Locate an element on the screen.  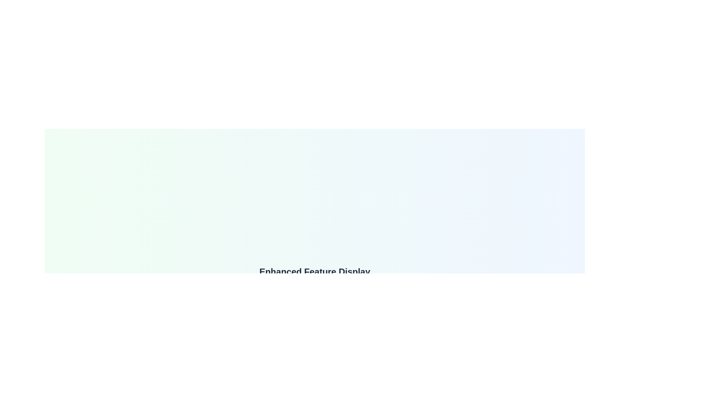
displayed text from the bold text label that says 'Enhanced Feature Display', which is visually prominent and serves as a header above the features list is located at coordinates (315, 272).